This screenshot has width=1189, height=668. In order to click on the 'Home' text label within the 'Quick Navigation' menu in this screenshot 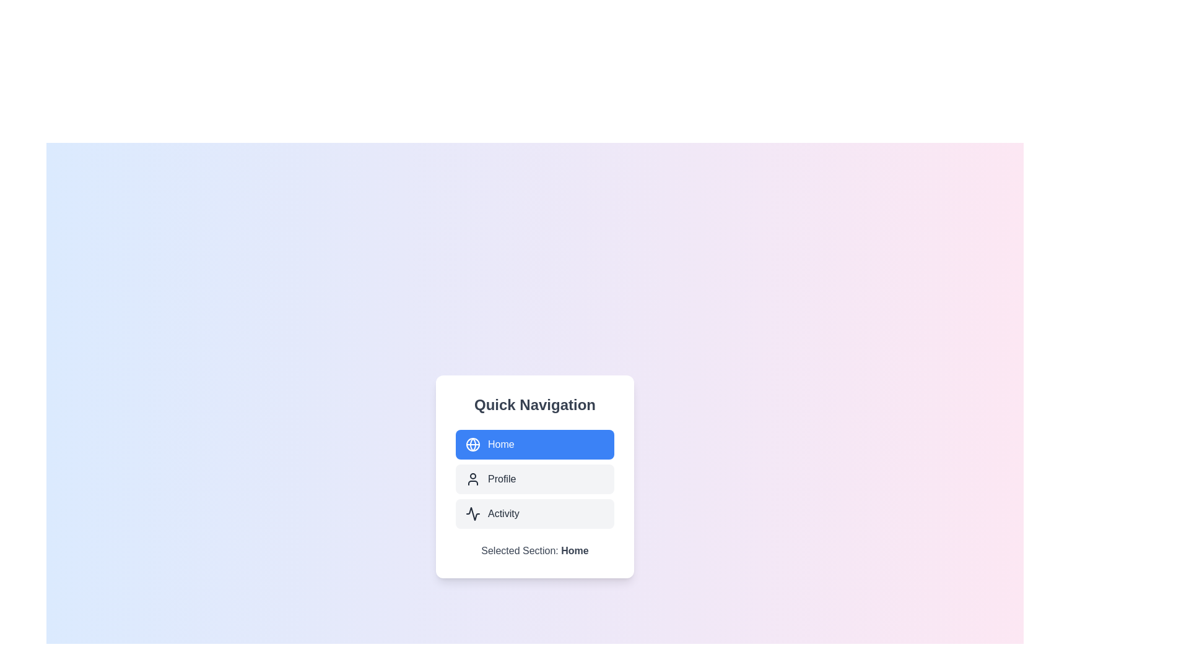, I will do `click(501, 443)`.